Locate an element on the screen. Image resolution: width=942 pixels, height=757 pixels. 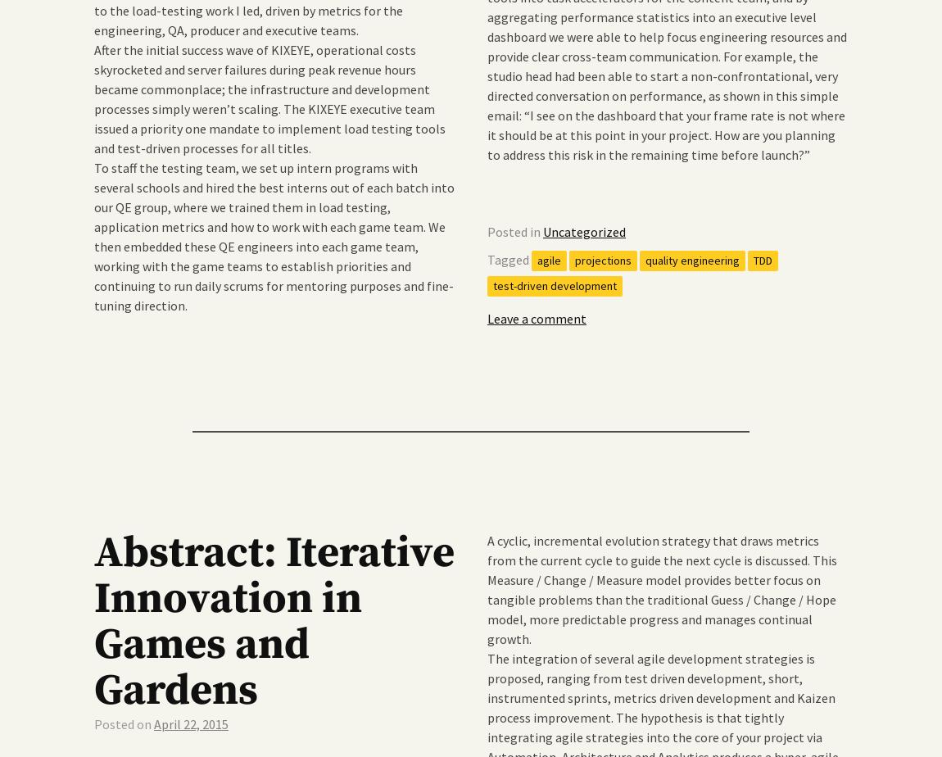
'A cyclic, incremental evolution strategy that draws metrics from the current cycle to guide the next cycle is discussed. This Measure / Change / Measure model provides better focus on tangible problems than the traditional Guess / Change / Hope model, more predictable progress and manages continual growth.' is located at coordinates (661, 588).